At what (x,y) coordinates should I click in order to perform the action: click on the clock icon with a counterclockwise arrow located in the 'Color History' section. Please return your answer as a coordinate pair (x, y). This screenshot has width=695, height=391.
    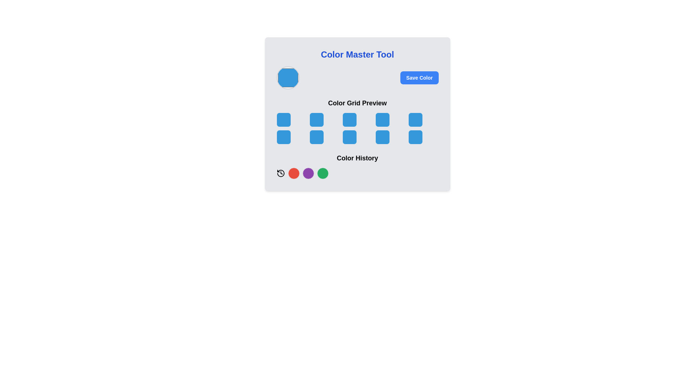
    Looking at the image, I should click on (280, 173).